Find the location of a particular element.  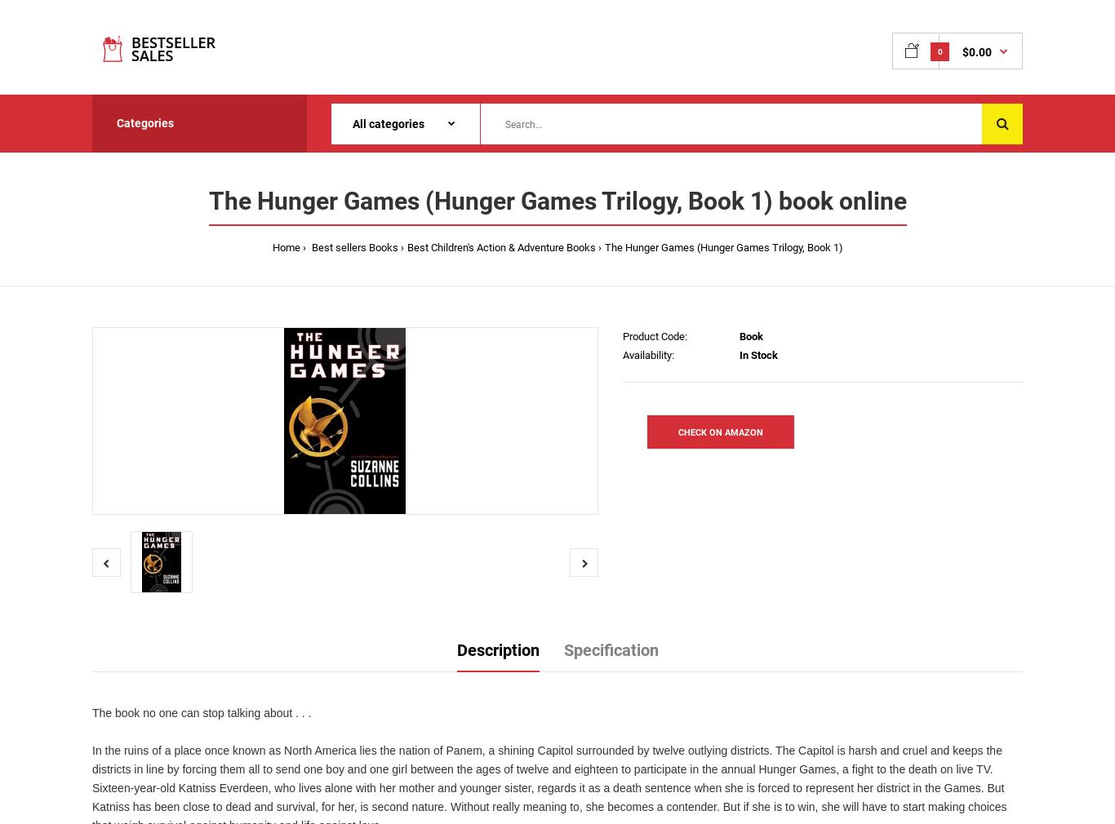

'Best sellers Movies' is located at coordinates (162, 247).